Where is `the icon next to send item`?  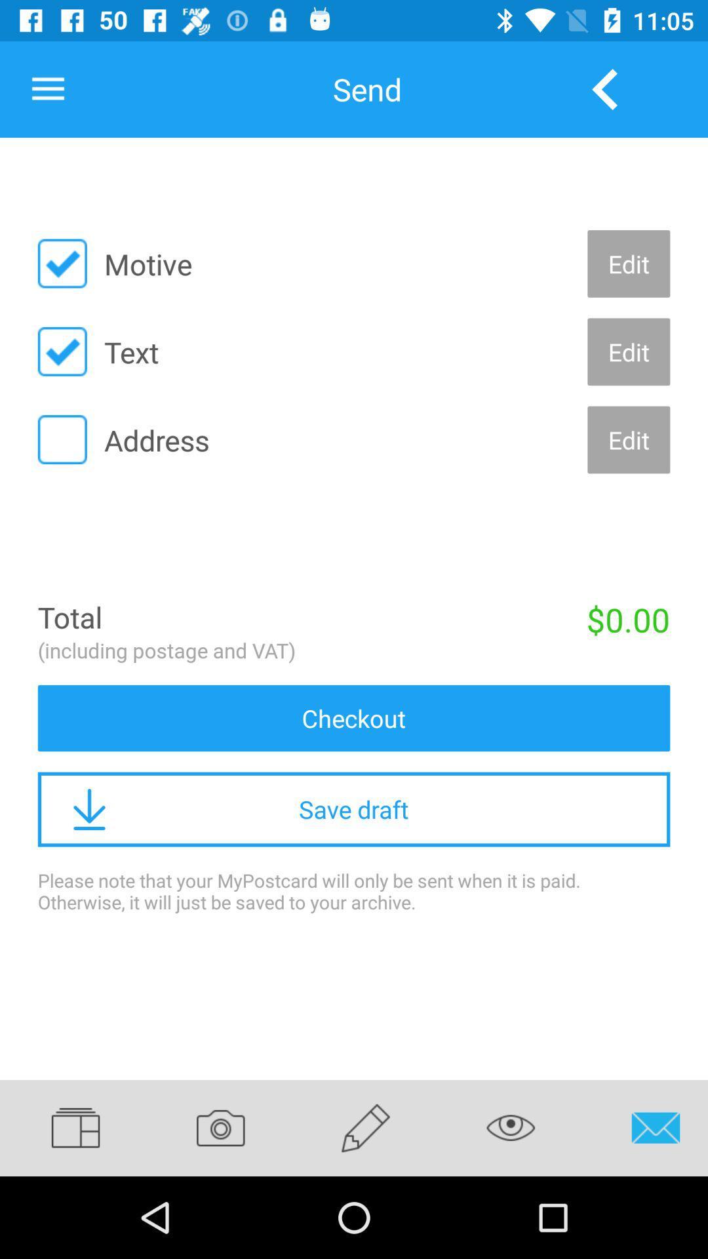 the icon next to send item is located at coordinates (604, 89).